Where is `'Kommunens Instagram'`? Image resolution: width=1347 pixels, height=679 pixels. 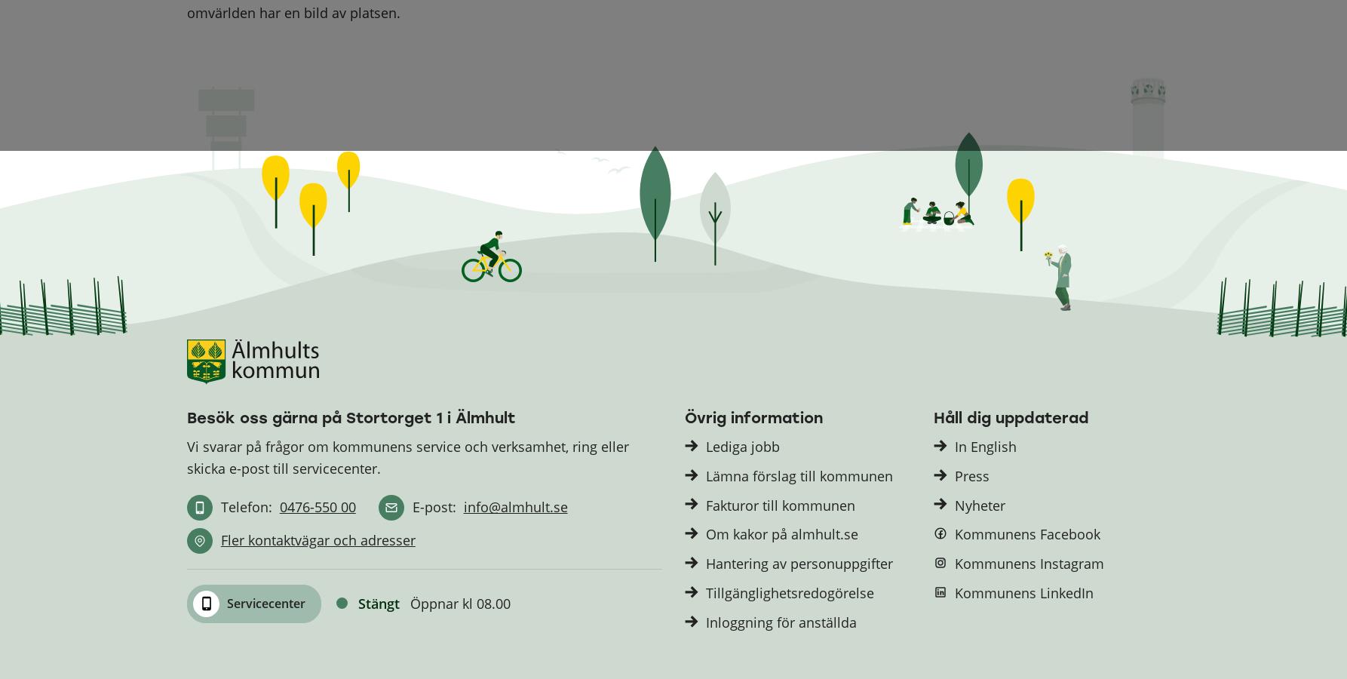
'Kommunens Instagram' is located at coordinates (1029, 563).